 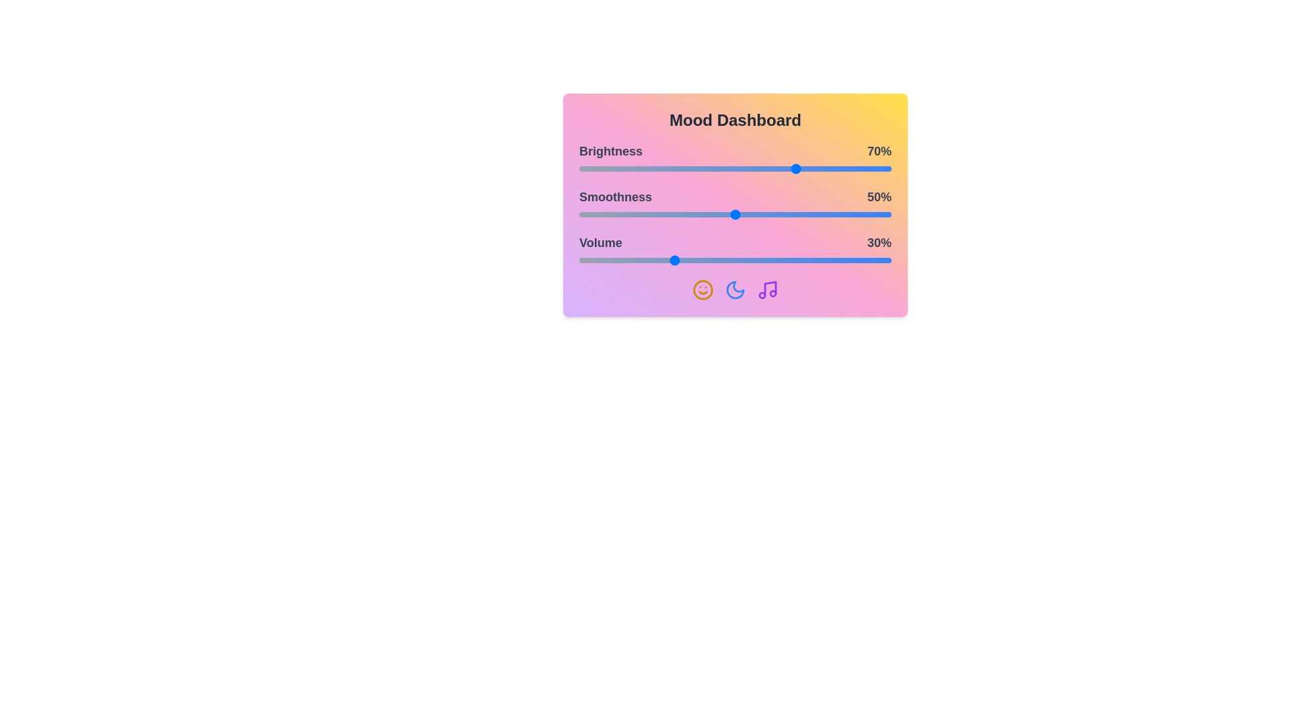 What do you see at coordinates (597, 214) in the screenshot?
I see `the 1 slider to 6%` at bounding box center [597, 214].